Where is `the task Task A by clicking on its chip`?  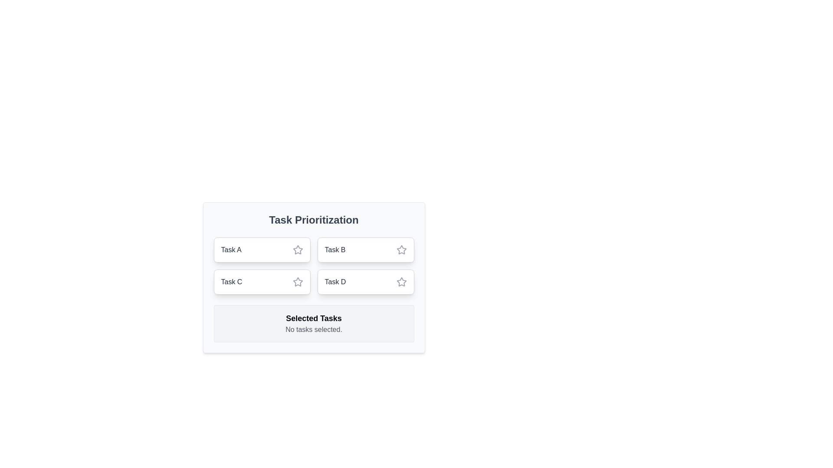 the task Task A by clicking on its chip is located at coordinates (262, 250).